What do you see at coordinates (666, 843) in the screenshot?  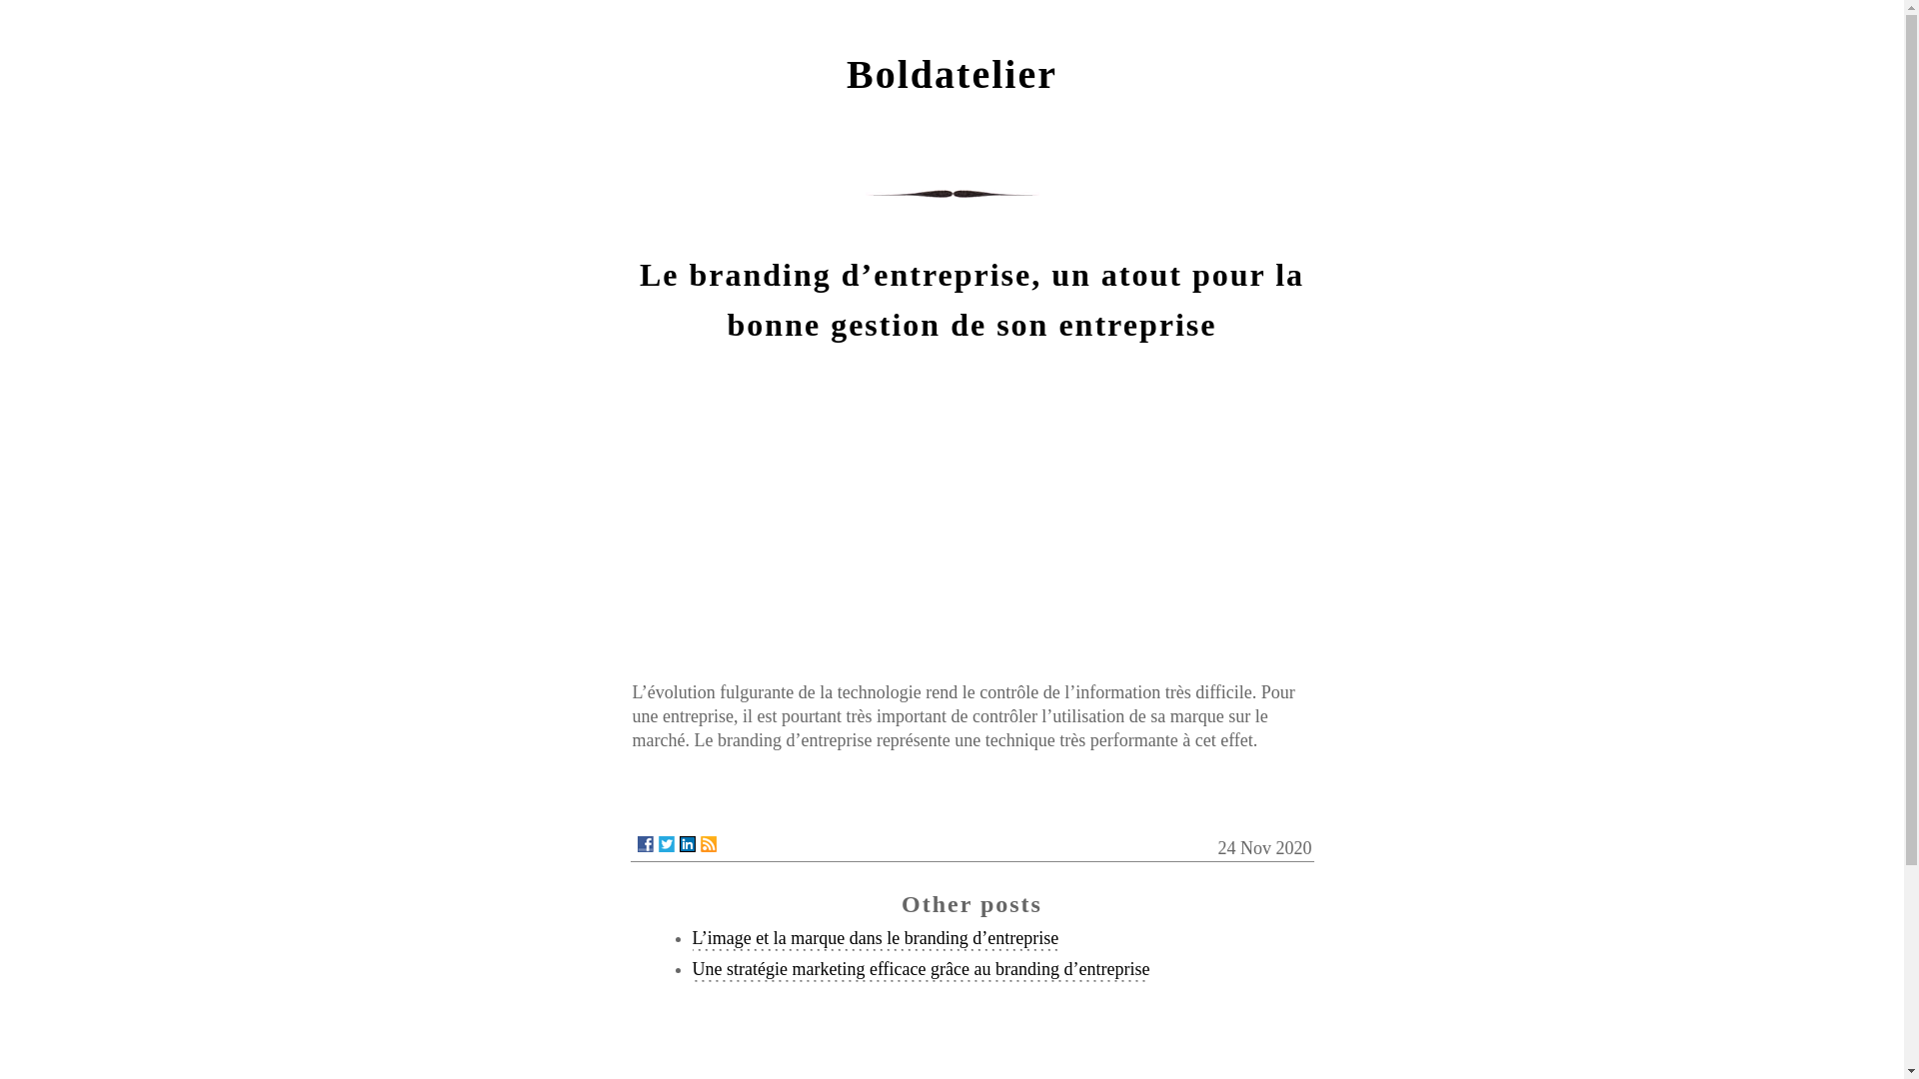 I see `'Twitter'` at bounding box center [666, 843].